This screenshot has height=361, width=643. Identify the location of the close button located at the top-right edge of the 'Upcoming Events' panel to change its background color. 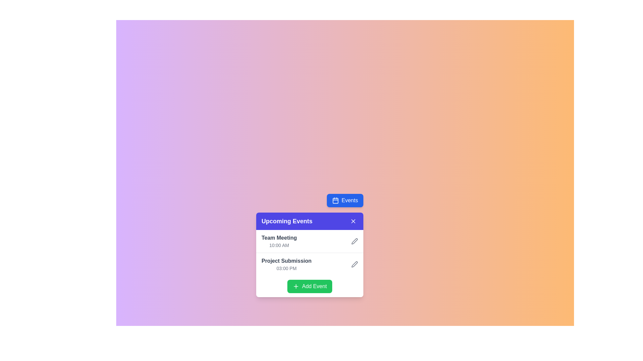
(353, 221).